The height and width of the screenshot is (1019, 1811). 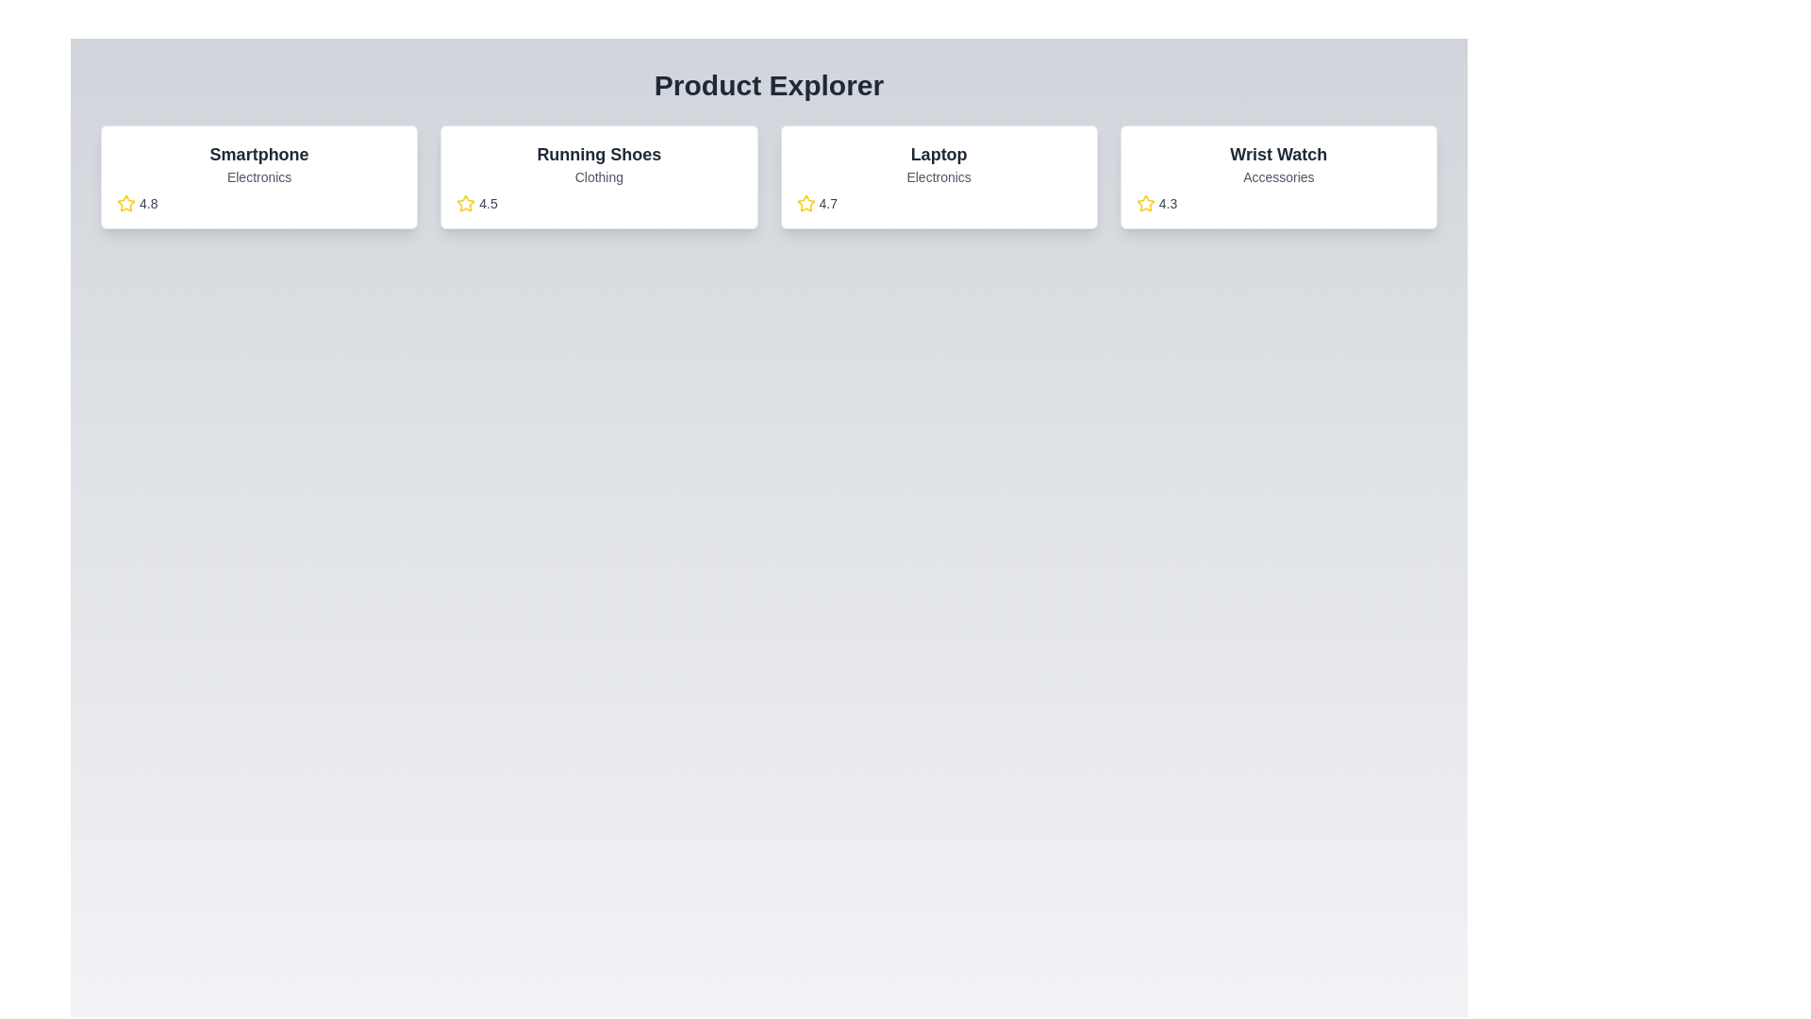 What do you see at coordinates (258, 177) in the screenshot?
I see `the 'Smartphone' clickable card located in the top-left corner of the grid structure, which features a white background, a bold 'Smartphone' text, and a yellow star icon with a rating of '4.8'` at bounding box center [258, 177].